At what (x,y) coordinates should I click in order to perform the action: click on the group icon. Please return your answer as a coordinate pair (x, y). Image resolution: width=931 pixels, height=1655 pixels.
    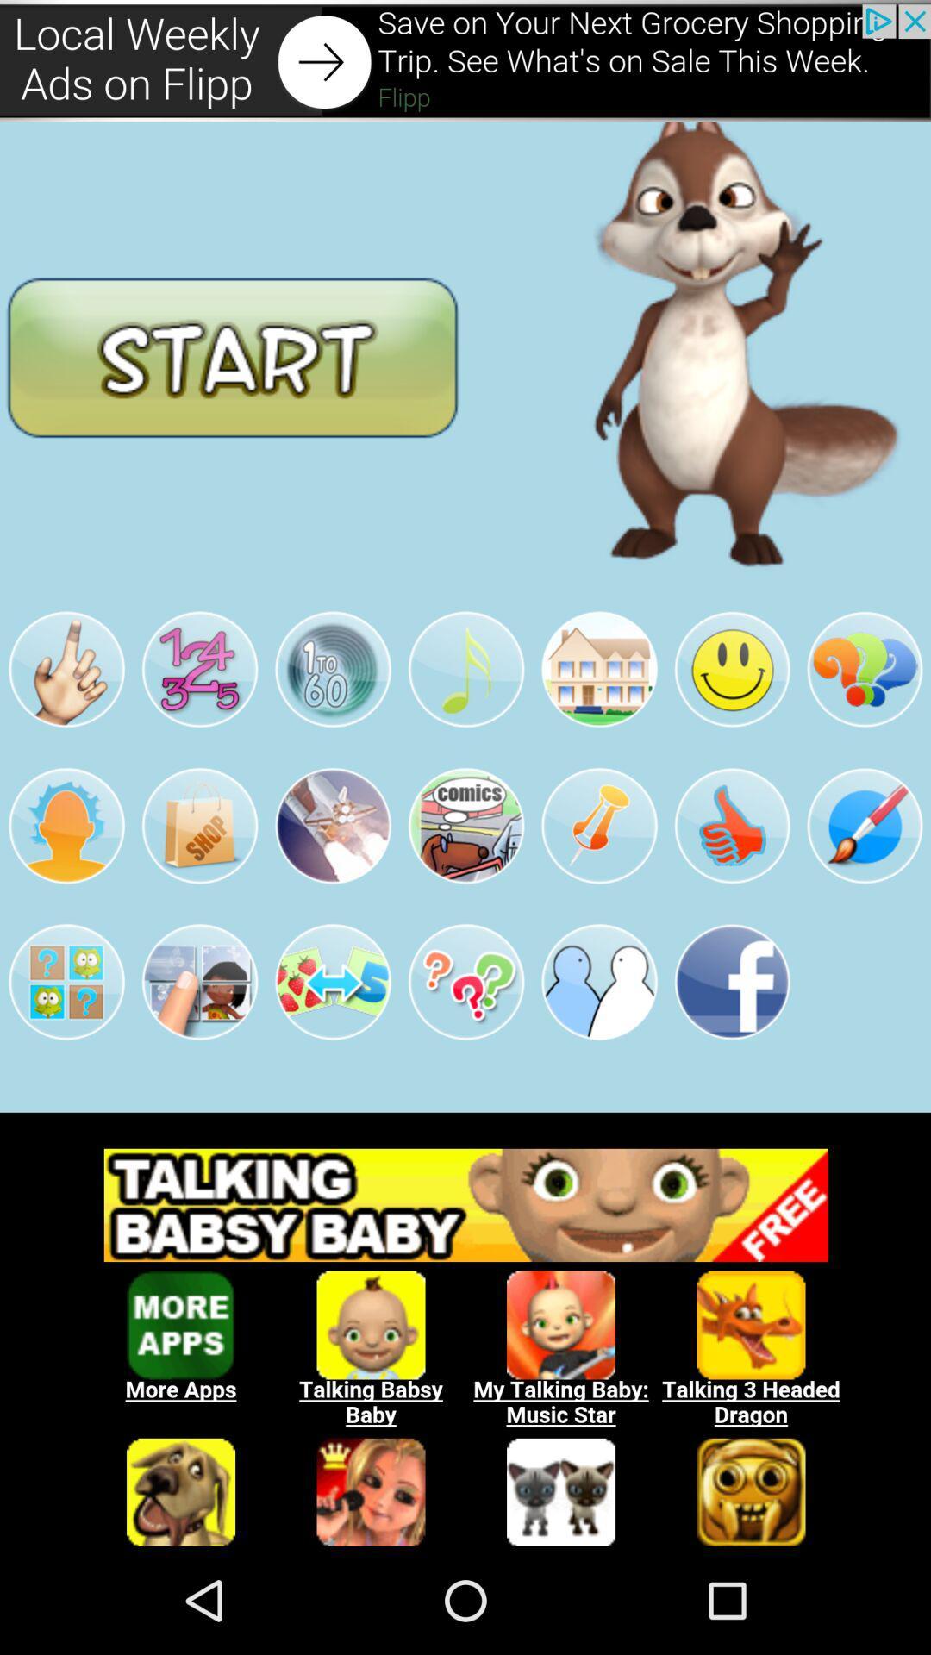
    Looking at the image, I should click on (598, 1050).